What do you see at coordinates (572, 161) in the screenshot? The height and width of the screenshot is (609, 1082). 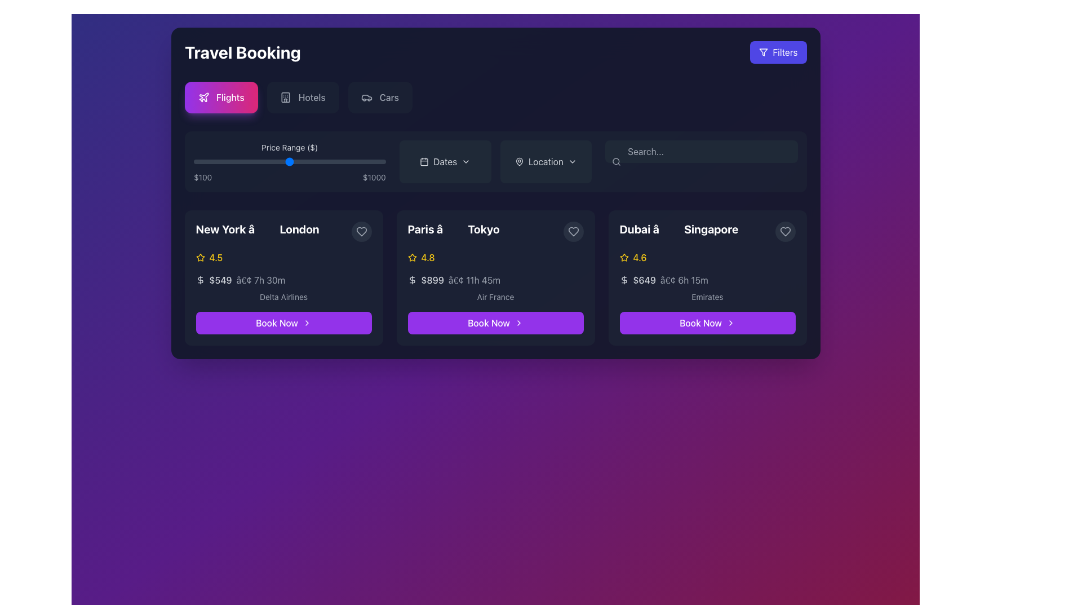 I see `the 'Location' icon in the travel booking application` at bounding box center [572, 161].